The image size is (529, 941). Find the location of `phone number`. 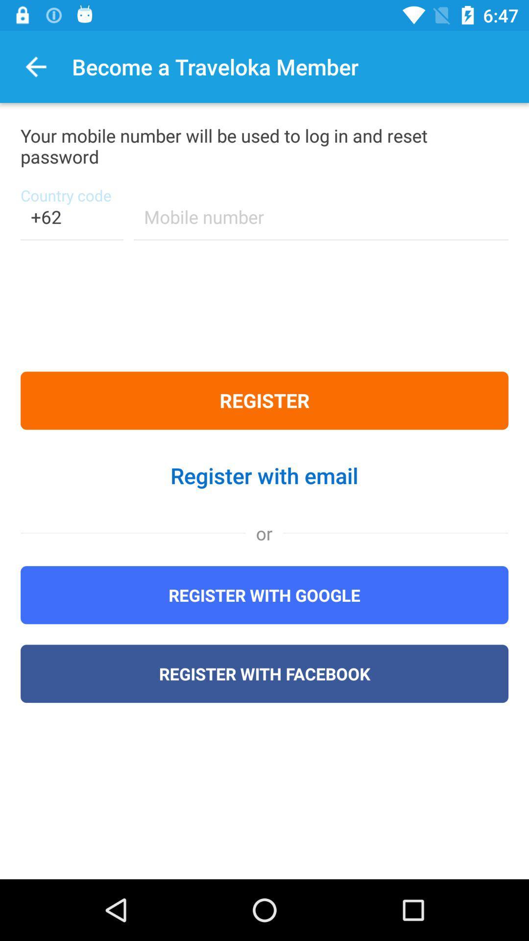

phone number is located at coordinates (321, 223).